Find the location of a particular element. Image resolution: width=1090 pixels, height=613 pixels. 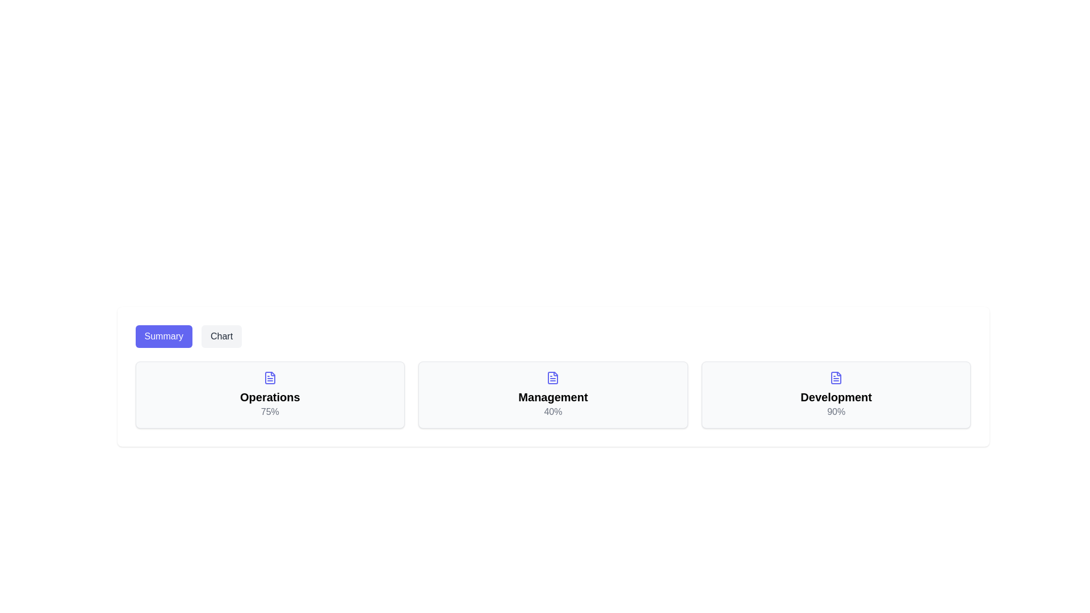

the 'Operations' label located in the first column of three cards, situated above the text '75%' and below a small file icon is located at coordinates (269, 396).